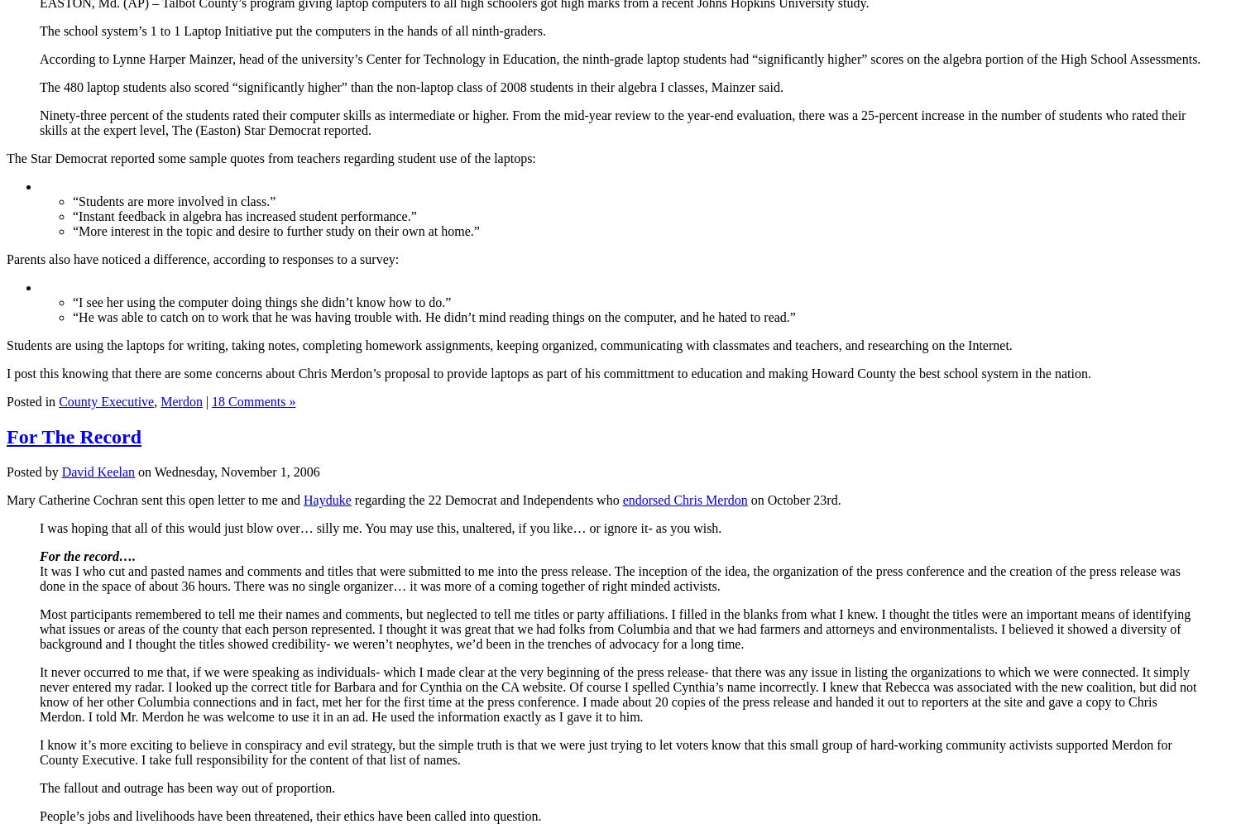  I want to click on '18 Comments »', so click(253, 400).